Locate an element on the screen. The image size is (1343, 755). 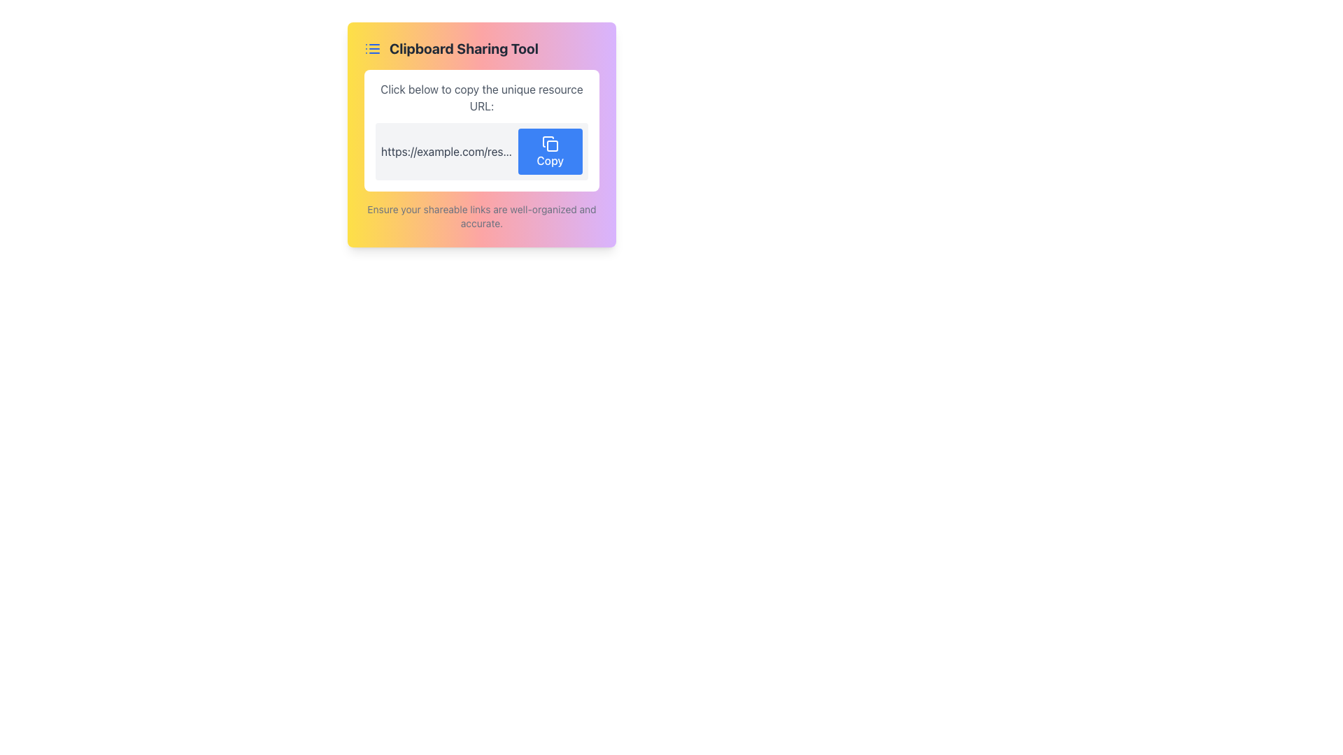
the aesthetic contribution of the stylized document corner icon located above the blue 'Copy' button in the interface is located at coordinates (547, 141).